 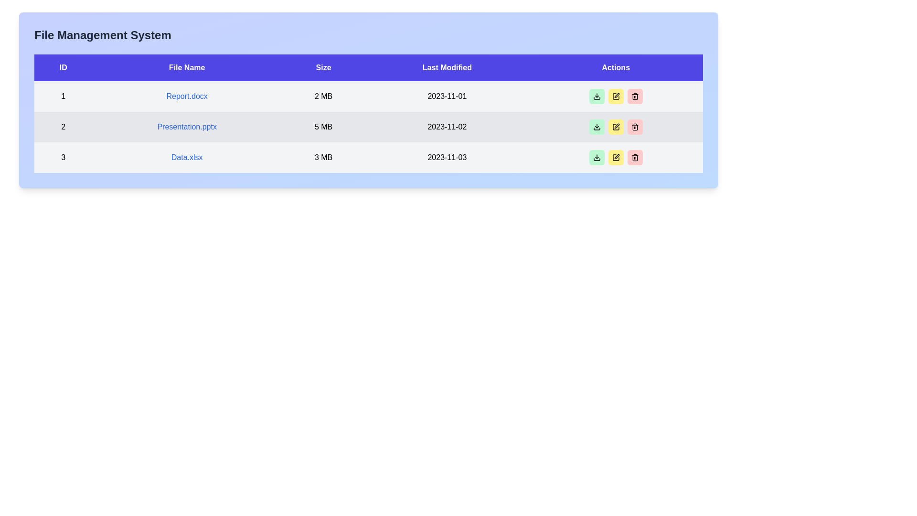 I want to click on the delete button in the 'Actions' column of the second row of the table, so click(x=635, y=127).